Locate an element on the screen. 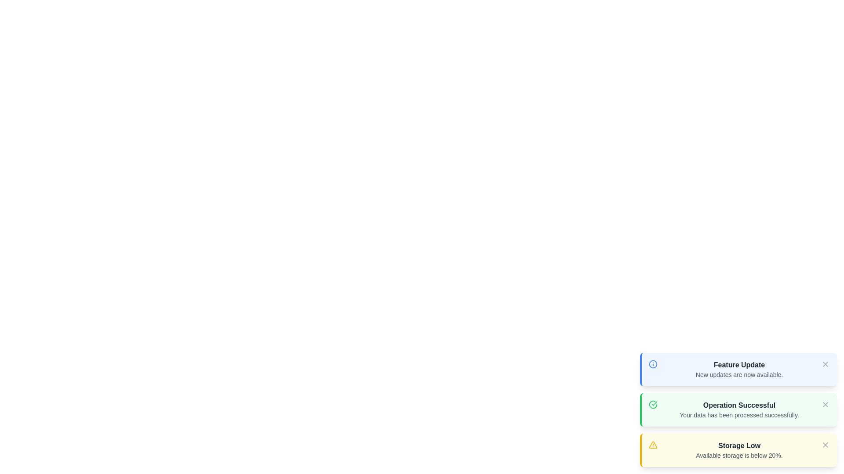  close button of the notification titled 'Feature Update' is located at coordinates (825, 364).